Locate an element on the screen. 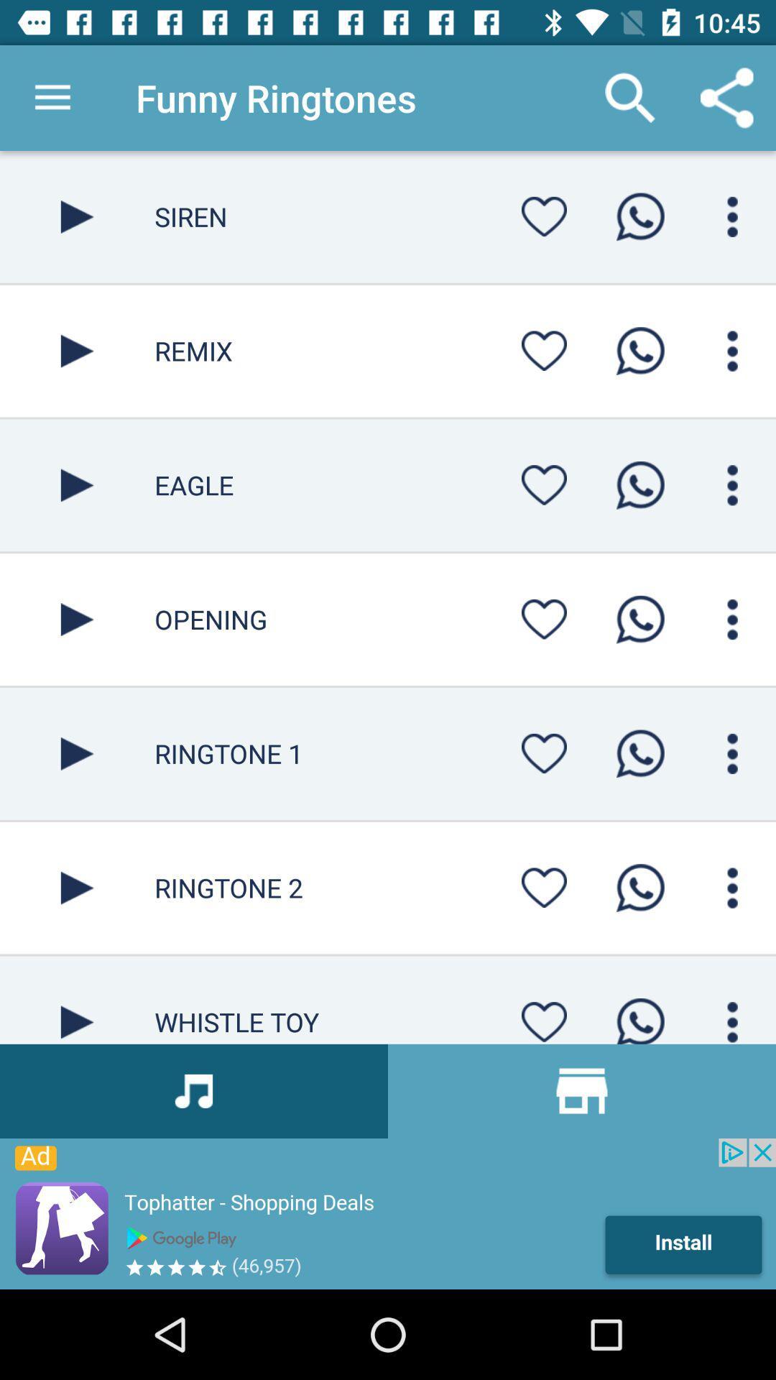 The height and width of the screenshot is (1380, 776). mark as favorite is located at coordinates (544, 351).